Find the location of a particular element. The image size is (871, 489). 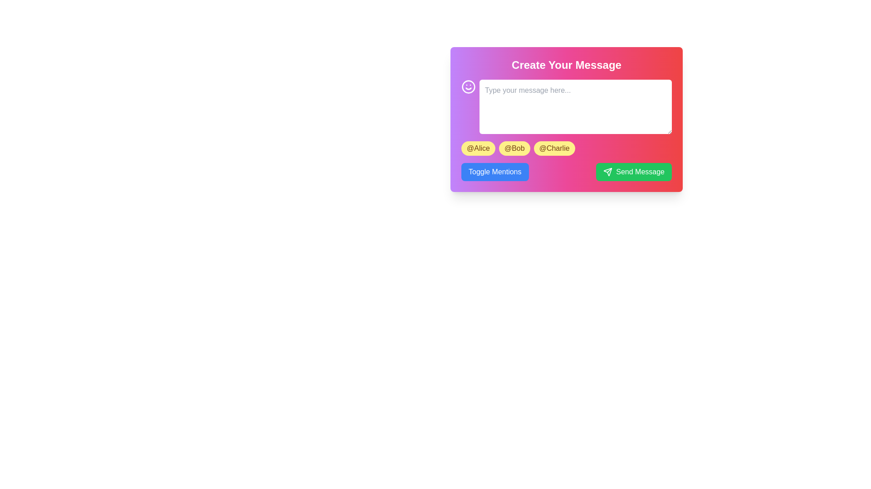

the decorative SVG circle element at the center of the smiley face icon located in the top-left corner of the message creation card is located at coordinates (468, 87).